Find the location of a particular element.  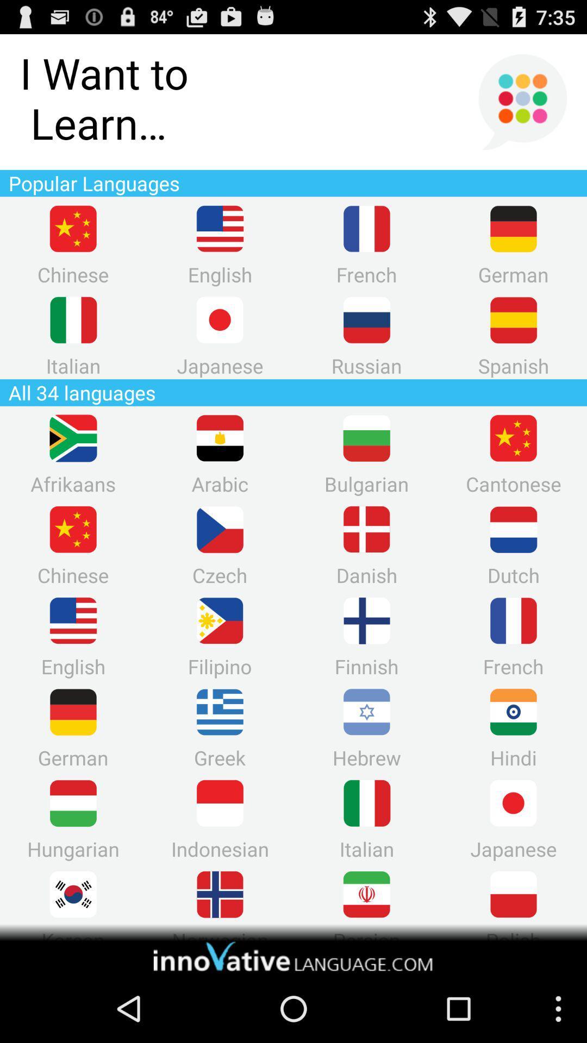

the delete icon is located at coordinates (514, 957).